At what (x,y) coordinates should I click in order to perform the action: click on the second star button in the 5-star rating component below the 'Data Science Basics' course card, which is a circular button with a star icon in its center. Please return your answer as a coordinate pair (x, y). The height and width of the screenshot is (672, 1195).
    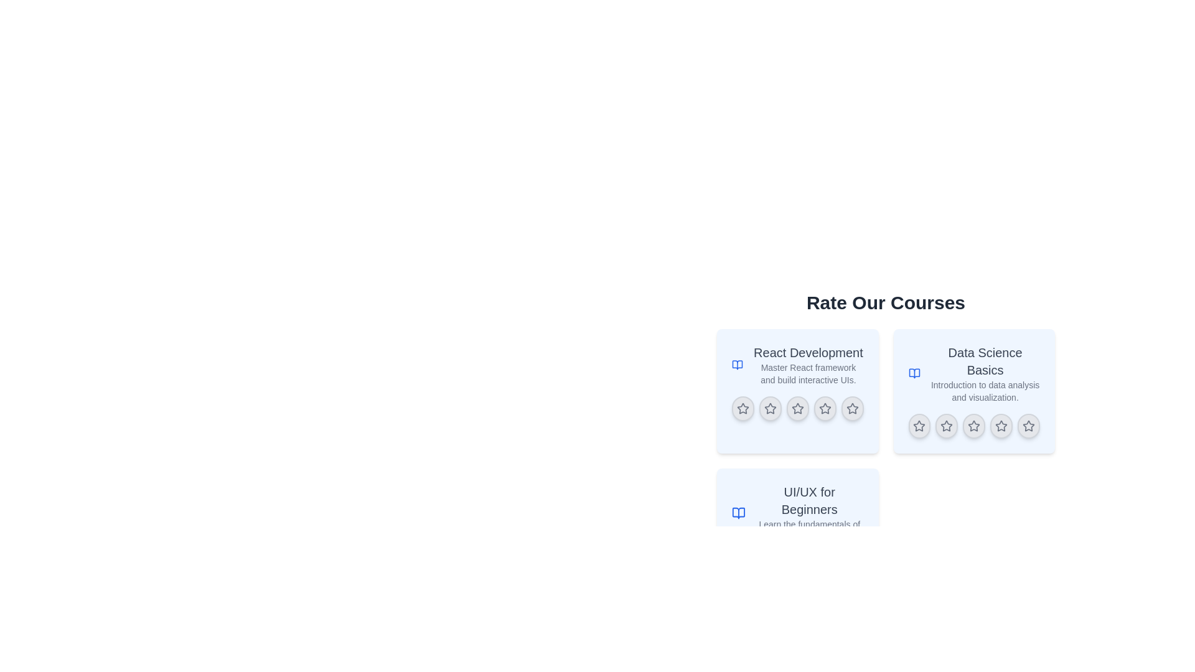
    Looking at the image, I should click on (946, 426).